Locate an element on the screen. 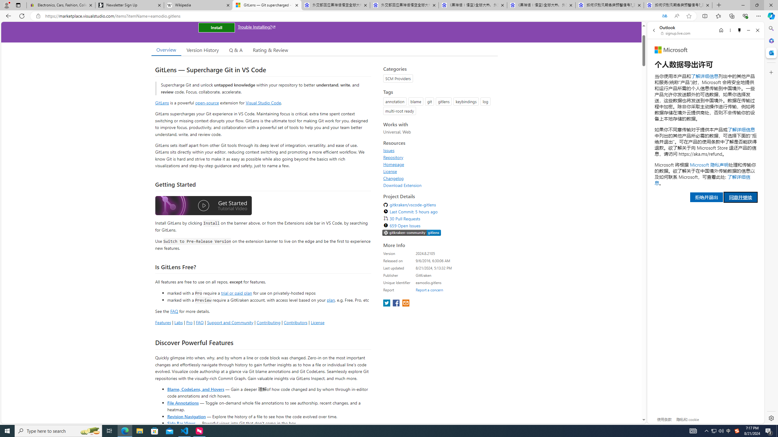 This screenshot has height=437, width=778. 'Revision Navigation' is located at coordinates (186, 416).